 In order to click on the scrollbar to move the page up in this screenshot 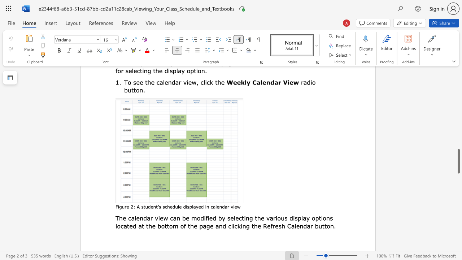, I will do `click(458, 101)`.